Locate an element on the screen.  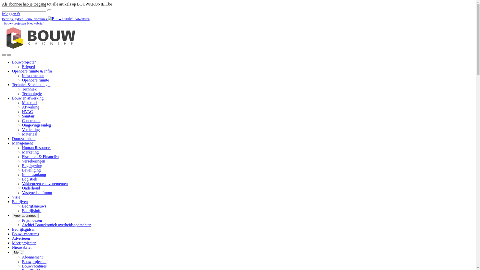
'Inloggen' is located at coordinates (9, 13).